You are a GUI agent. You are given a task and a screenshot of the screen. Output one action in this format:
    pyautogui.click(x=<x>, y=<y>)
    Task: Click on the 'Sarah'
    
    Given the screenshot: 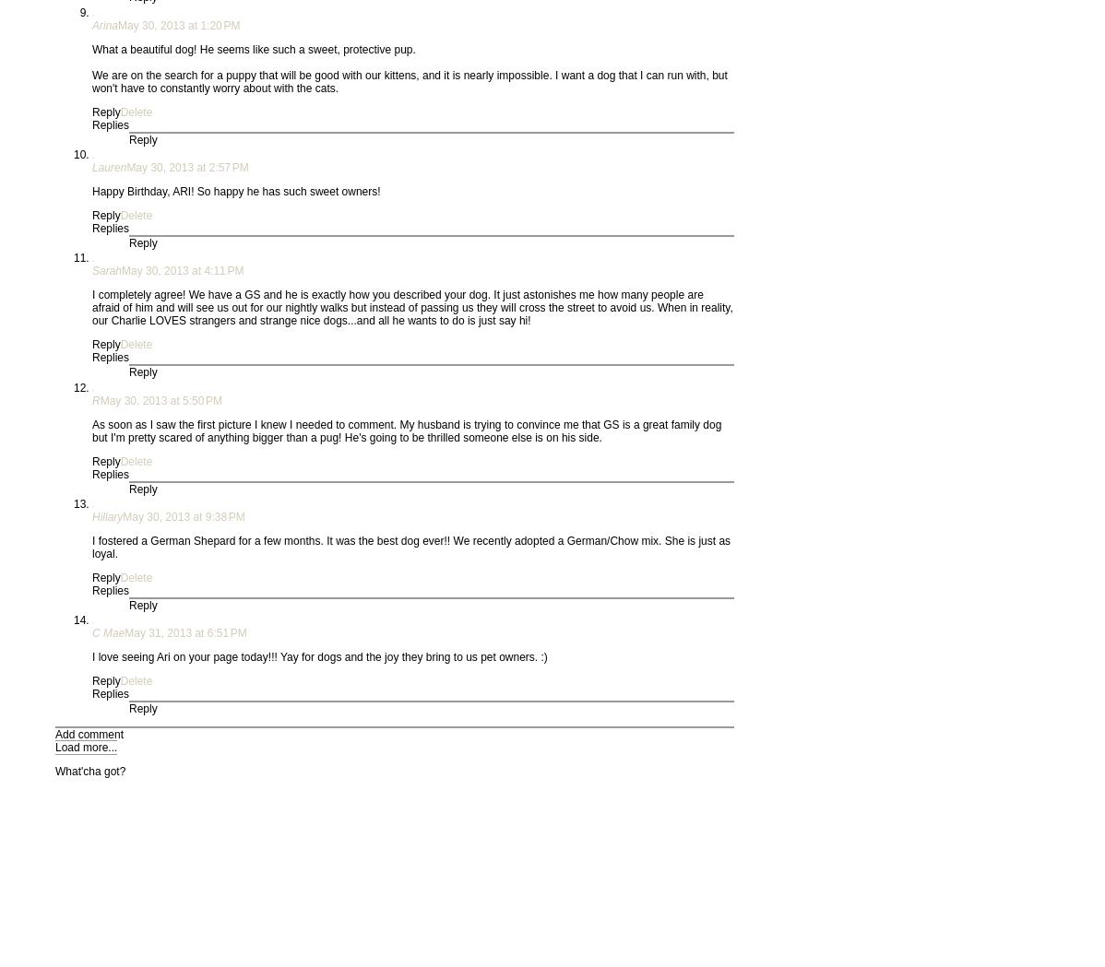 What is the action you would take?
    pyautogui.click(x=92, y=271)
    